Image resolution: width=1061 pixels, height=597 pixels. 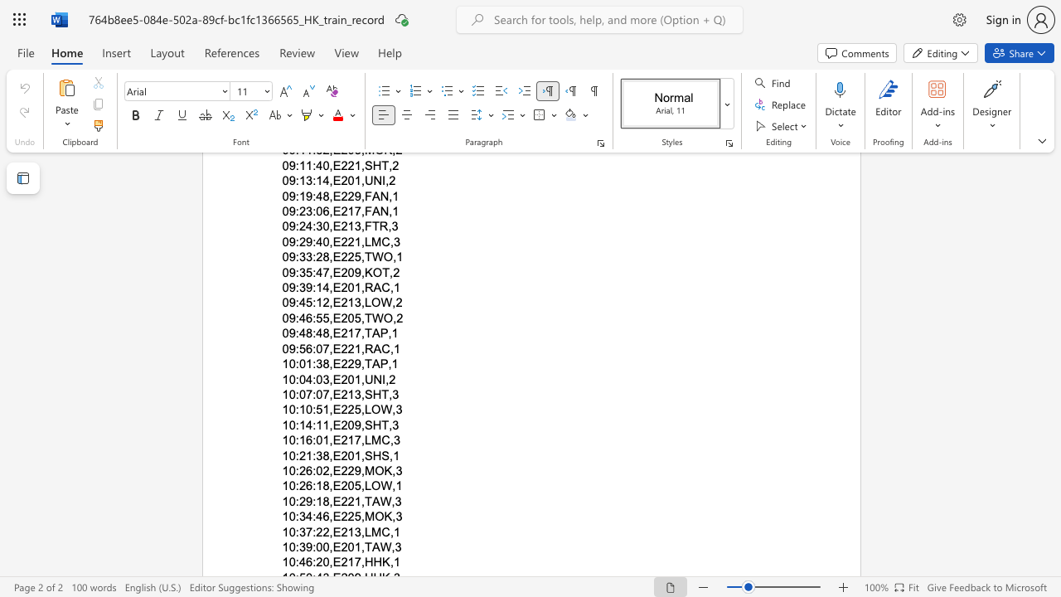 I want to click on the space between the continuous character "1" and ":" in the text, so click(x=312, y=363).